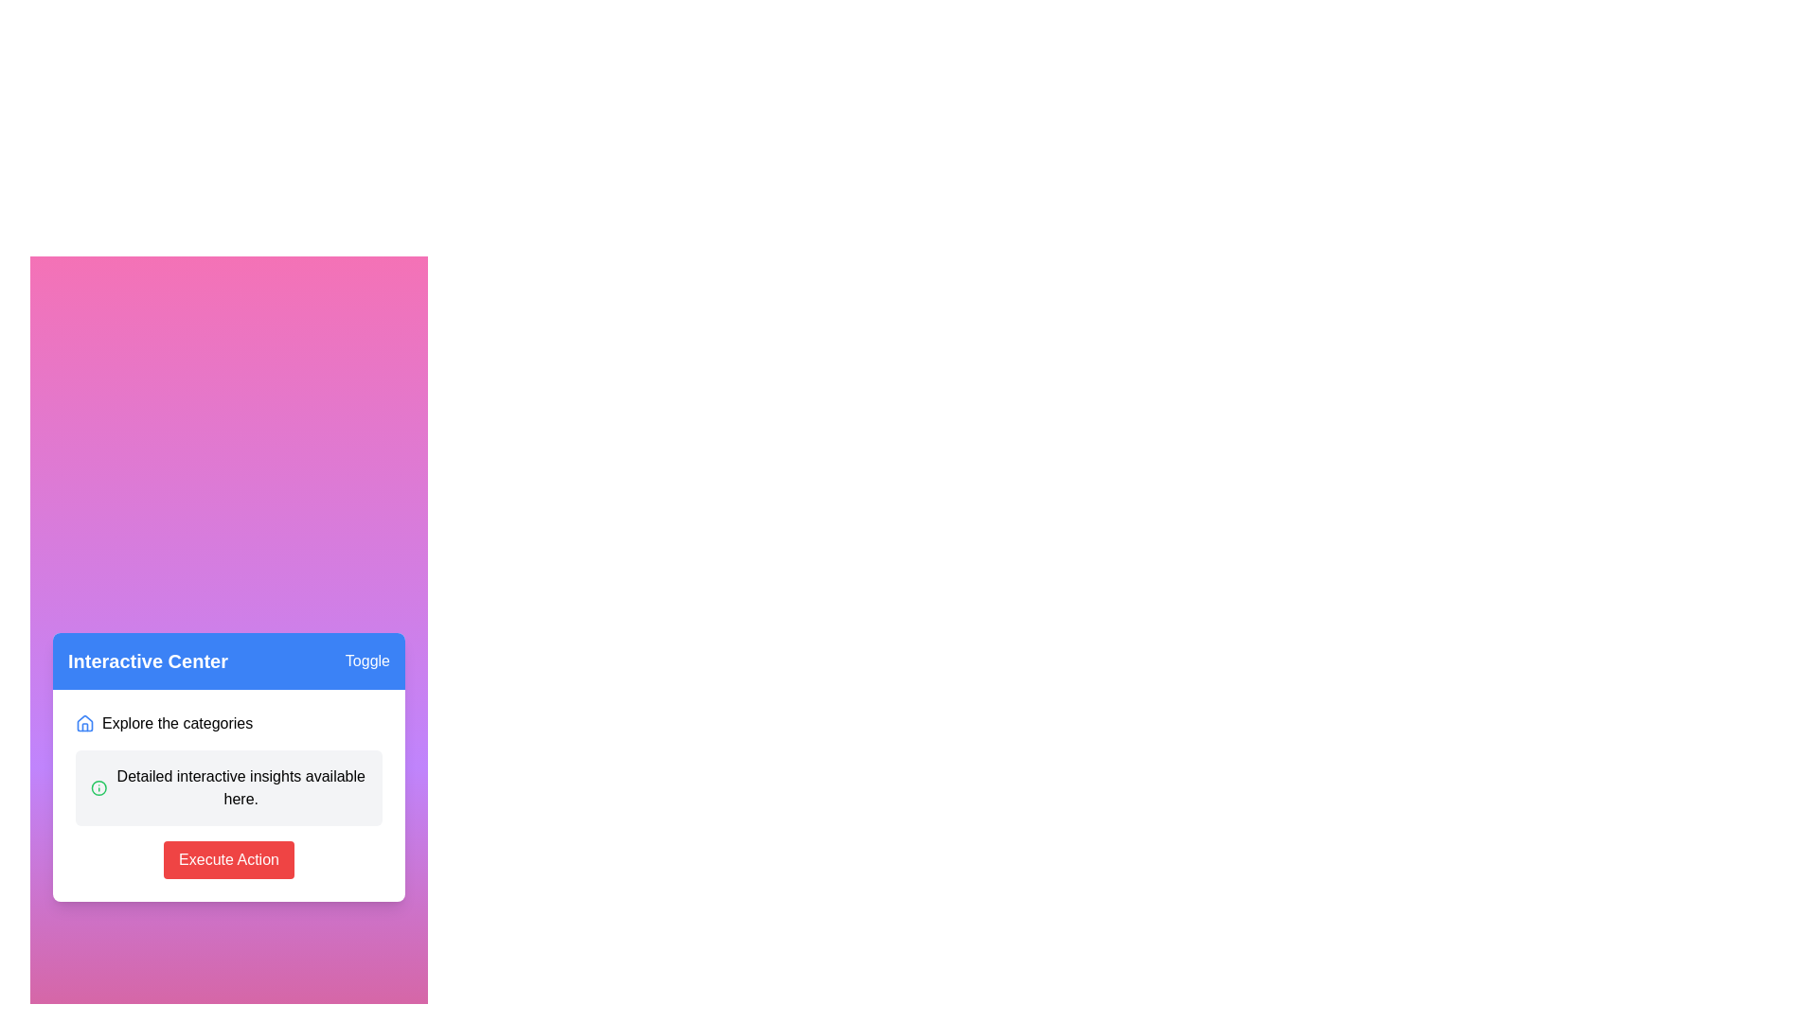 The height and width of the screenshot is (1022, 1818). I want to click on the toggle button located at the top-right corner of the 'Interactive Center' blue header bar to switch between states, so click(367, 660).